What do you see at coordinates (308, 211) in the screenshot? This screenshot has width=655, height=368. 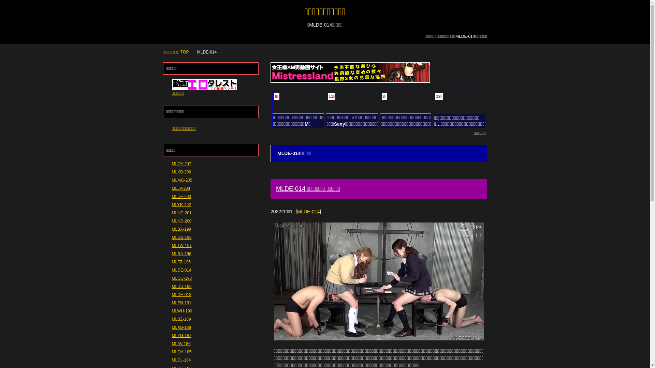 I see `'MLDE-014'` at bounding box center [308, 211].